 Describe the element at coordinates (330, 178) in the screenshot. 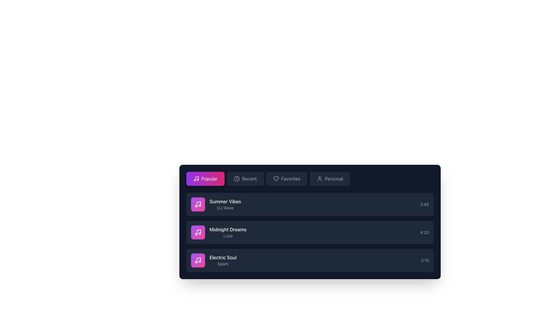

I see `the 'Personal' button, which is the fourth button in a horizontal row of buttons with a dark gray background and a user profile icon, to observe its hover effects` at that location.